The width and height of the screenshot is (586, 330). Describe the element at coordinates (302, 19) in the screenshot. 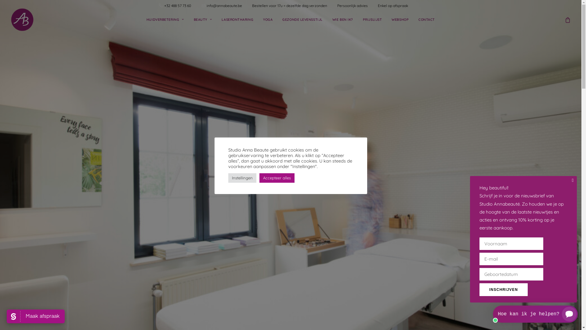

I see `'GEZONDE LEVENSSTIJL'` at that location.